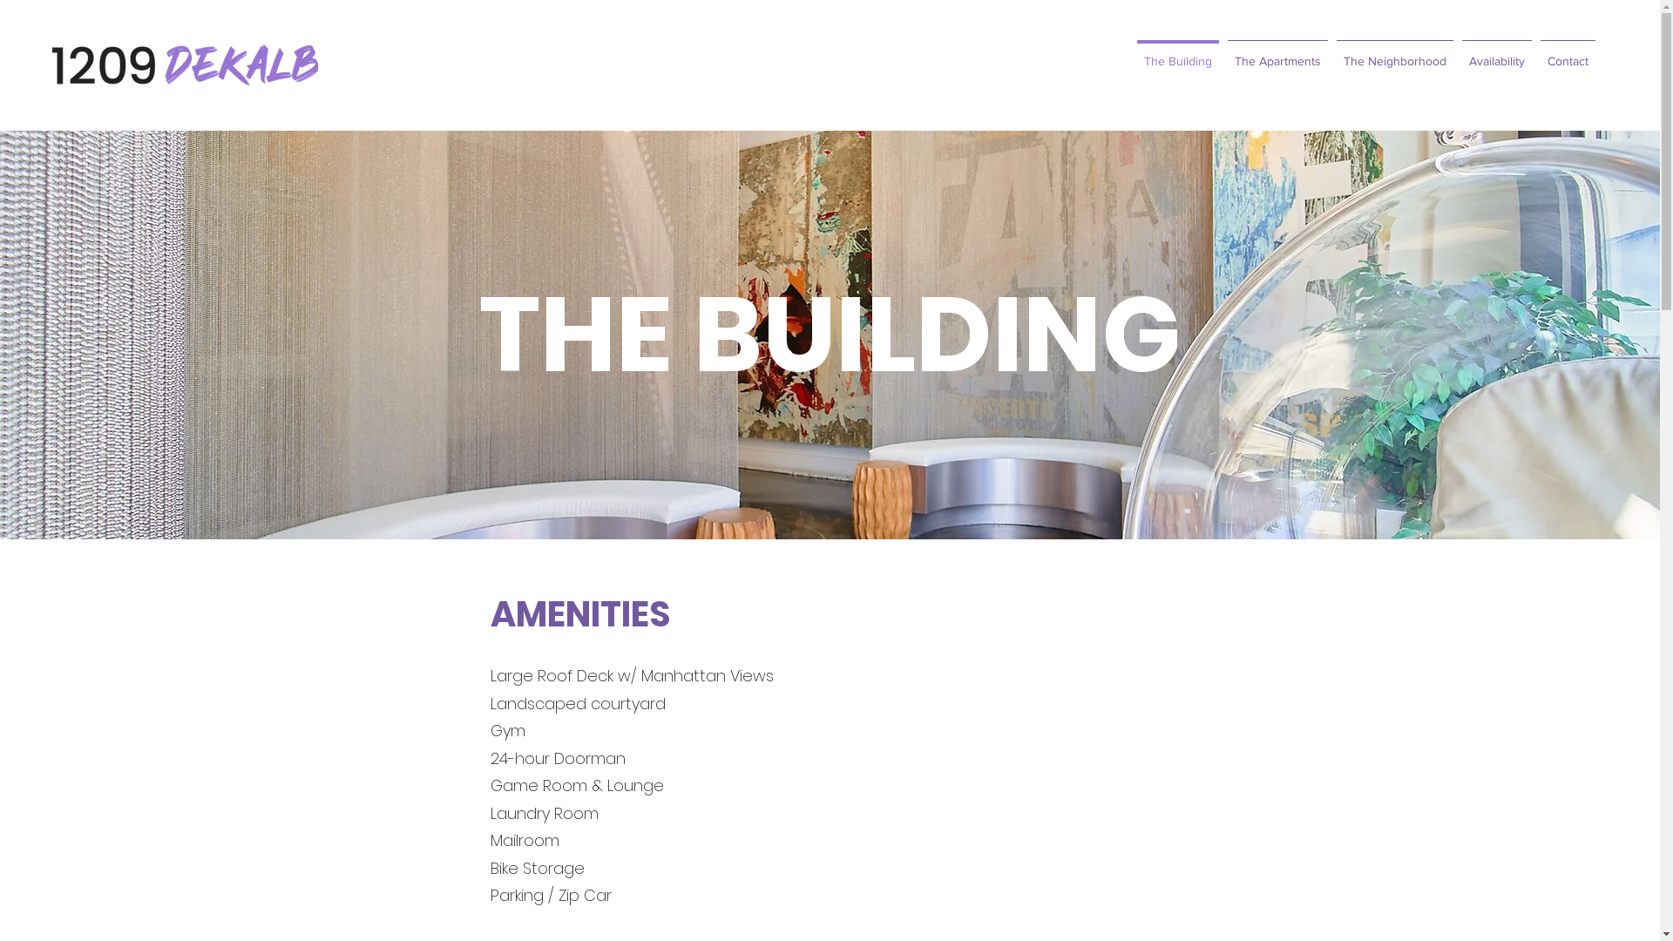 The image size is (1673, 941). I want to click on 'The Apartments', so click(1277, 52).